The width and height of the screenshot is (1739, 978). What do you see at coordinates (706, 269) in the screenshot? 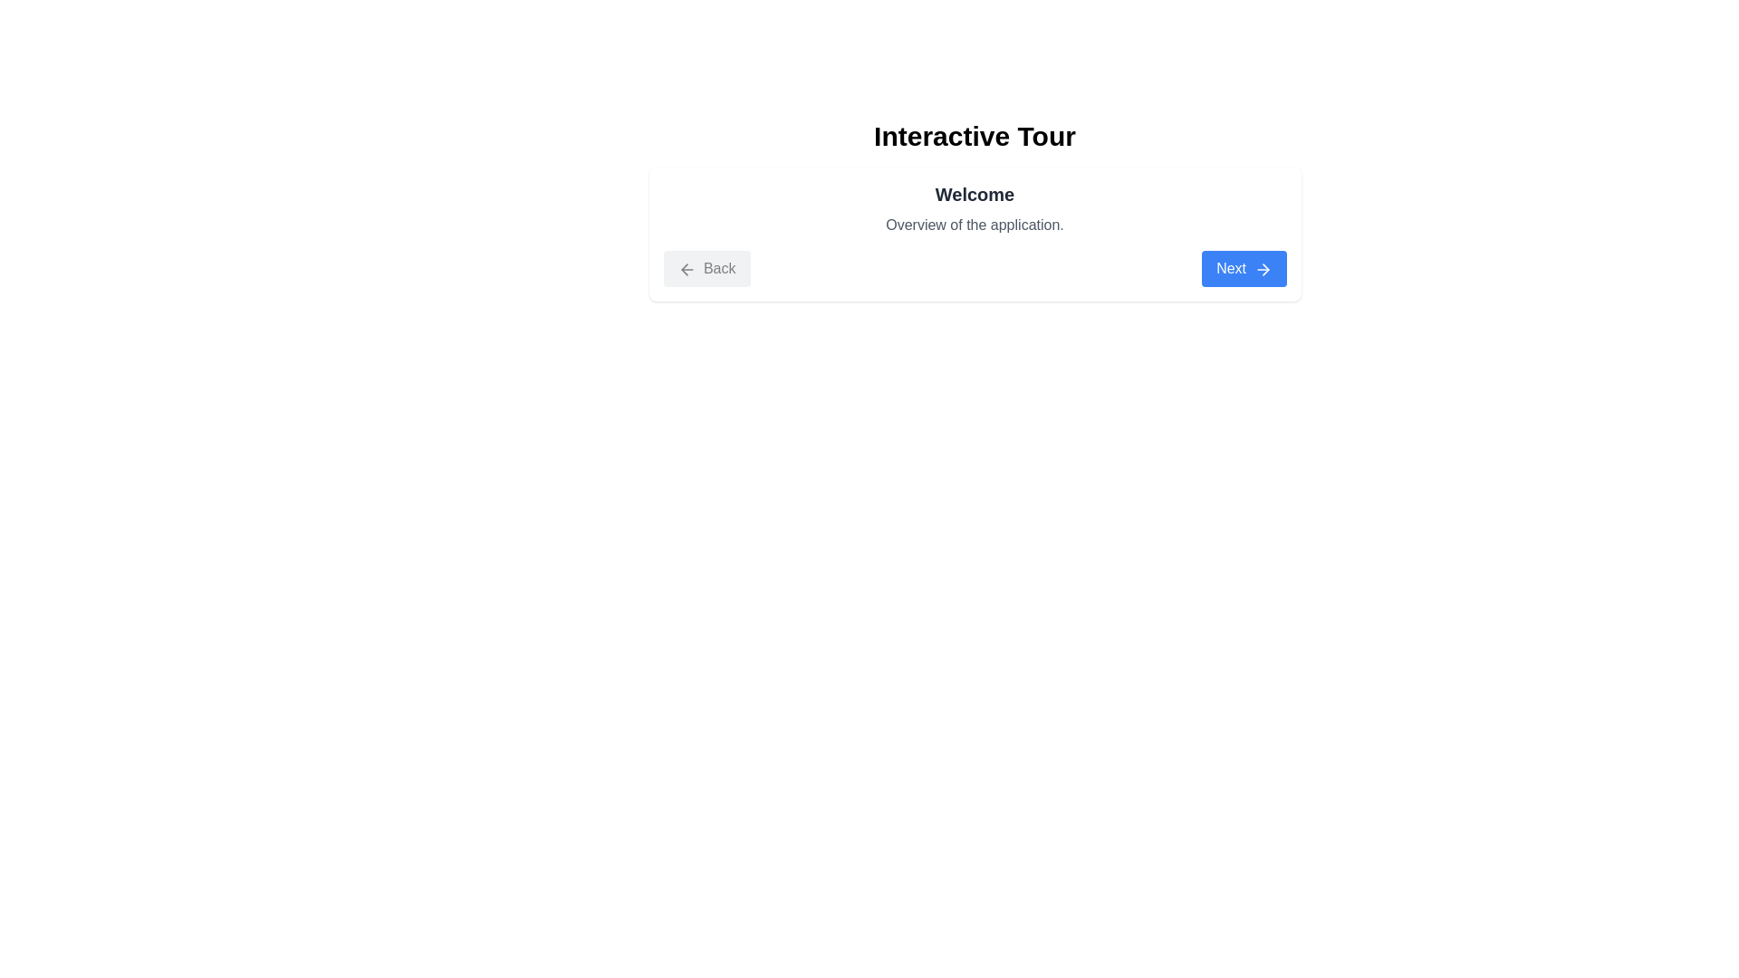
I see `the back navigation button located to the left of the 'Next' button in the top center of the interface` at bounding box center [706, 269].